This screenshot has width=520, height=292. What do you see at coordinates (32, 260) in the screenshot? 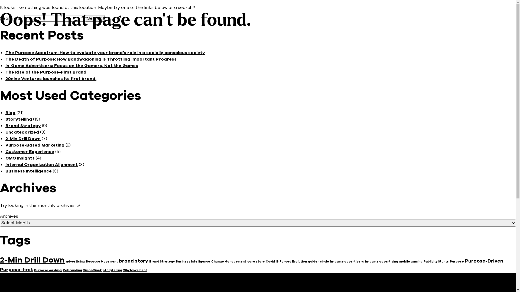
I see `'2-Min Drill Down'` at bounding box center [32, 260].